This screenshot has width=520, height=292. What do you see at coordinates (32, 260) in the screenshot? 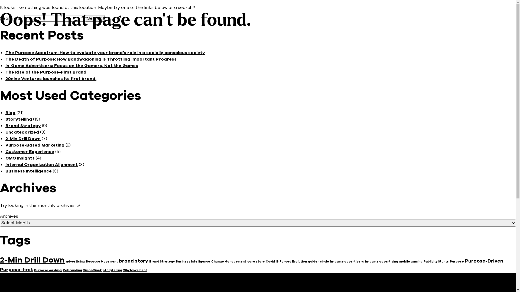
I see `'2-Min Drill Down'` at bounding box center [32, 260].